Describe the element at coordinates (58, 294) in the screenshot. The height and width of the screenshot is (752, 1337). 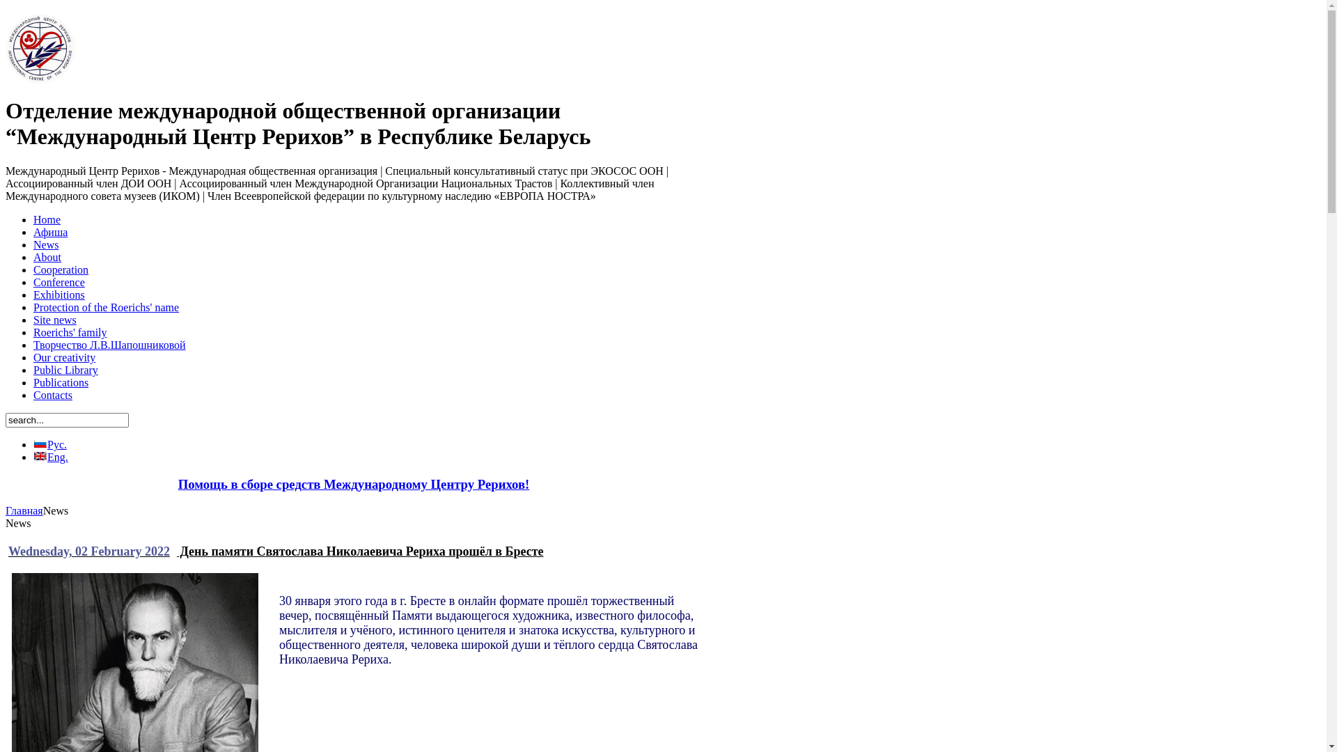
I see `'Exhibitions'` at that location.